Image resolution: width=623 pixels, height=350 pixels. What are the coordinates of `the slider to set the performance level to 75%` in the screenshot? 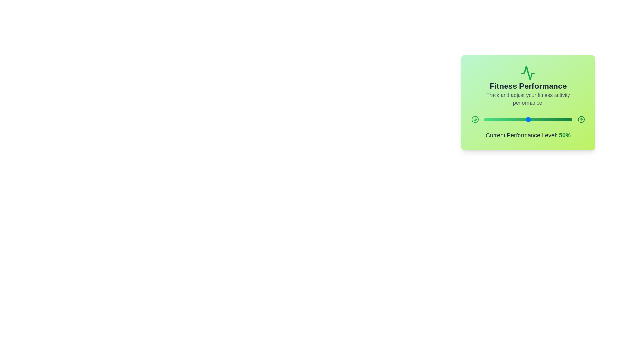 It's located at (550, 120).